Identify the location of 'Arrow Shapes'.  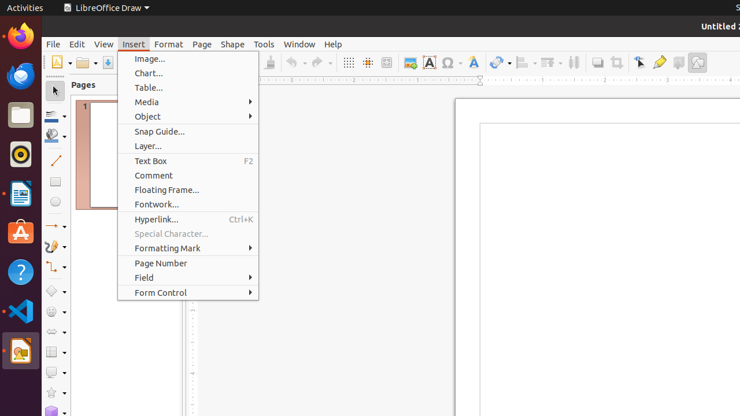
(55, 332).